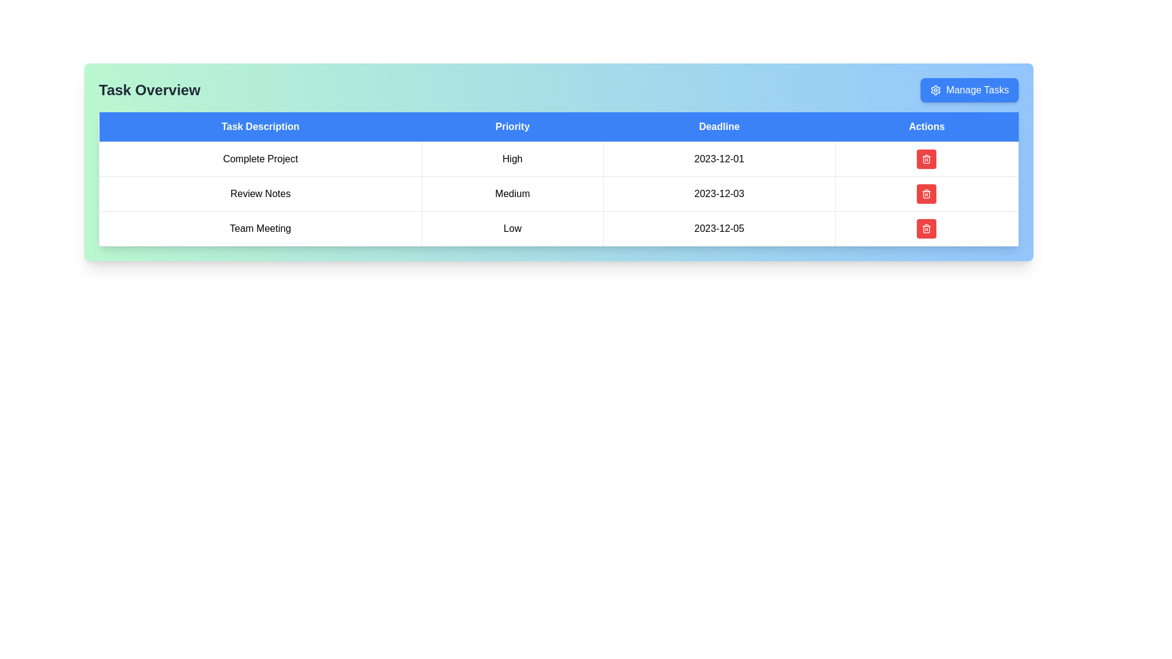 The height and width of the screenshot is (659, 1172). I want to click on text element that displays the deadline date of the Team Meeting located in the third row under the 'Deadline' column of the 'Task Overview' table, so click(719, 228).